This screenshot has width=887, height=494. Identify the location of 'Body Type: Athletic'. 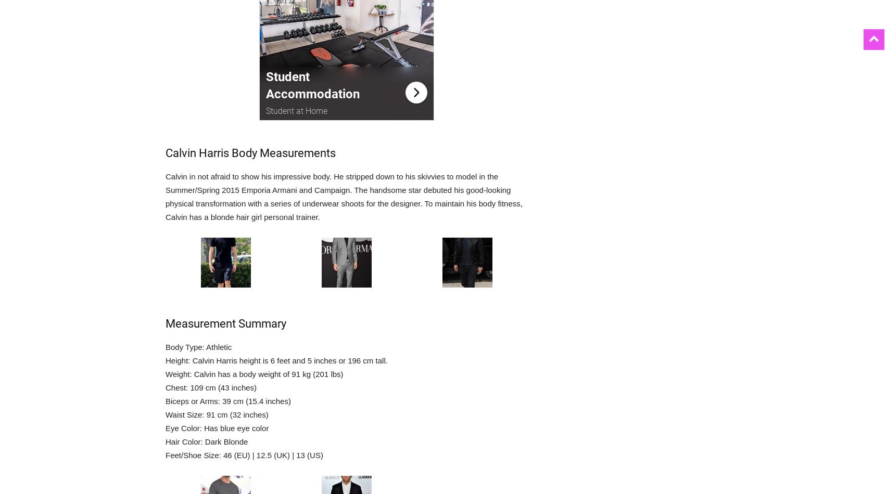
(198, 347).